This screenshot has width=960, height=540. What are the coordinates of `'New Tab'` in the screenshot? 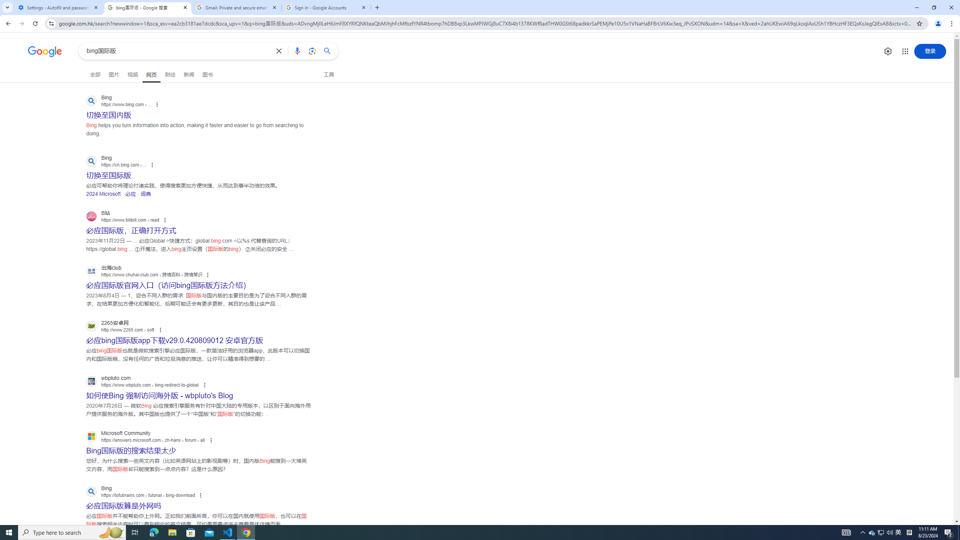 It's located at (377, 7).